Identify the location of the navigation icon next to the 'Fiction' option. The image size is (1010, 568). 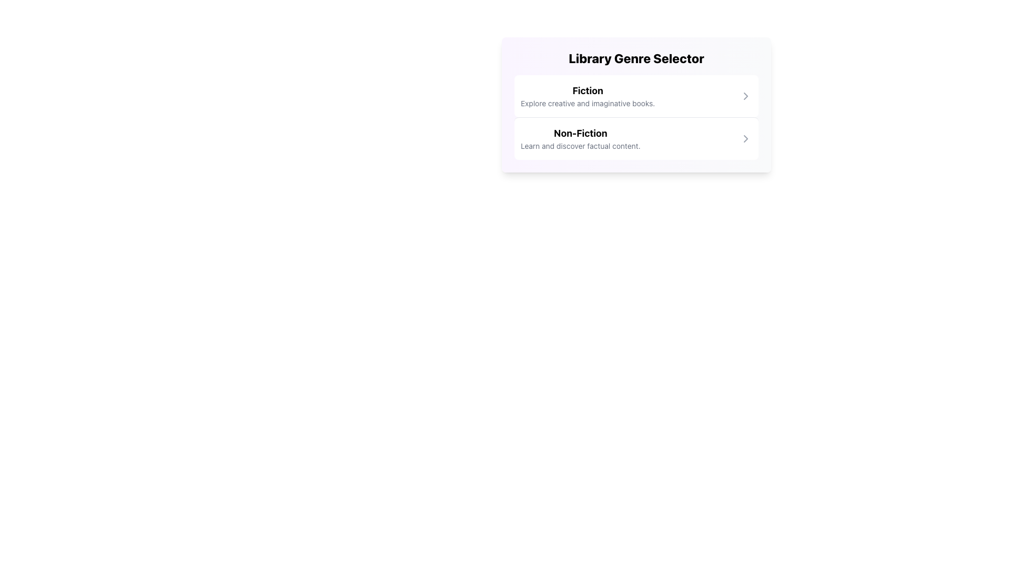
(745, 96).